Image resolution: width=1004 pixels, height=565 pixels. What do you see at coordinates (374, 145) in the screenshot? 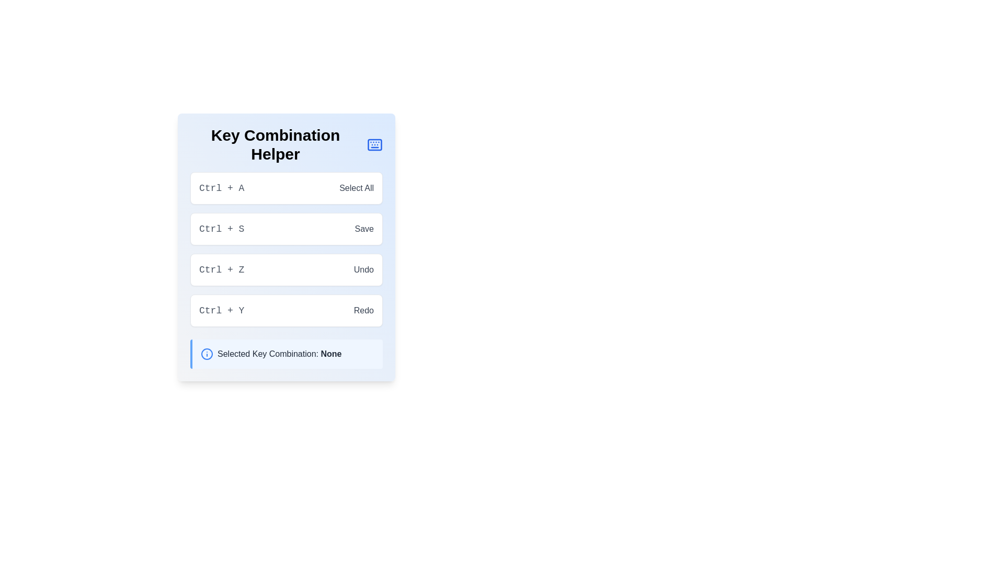
I see `the blue rounded rectangular icon in the top-right corner of the 'Key Combination Helper' interface, which represents a keyboard or similar device` at bounding box center [374, 145].